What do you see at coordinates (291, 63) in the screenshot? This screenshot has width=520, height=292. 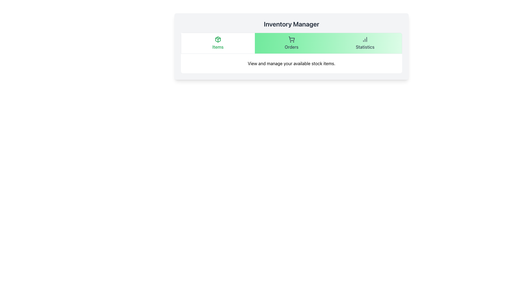 I see `the static text block displaying 'View and manage your available stock items.' which is centered below the tab navigation bar` at bounding box center [291, 63].